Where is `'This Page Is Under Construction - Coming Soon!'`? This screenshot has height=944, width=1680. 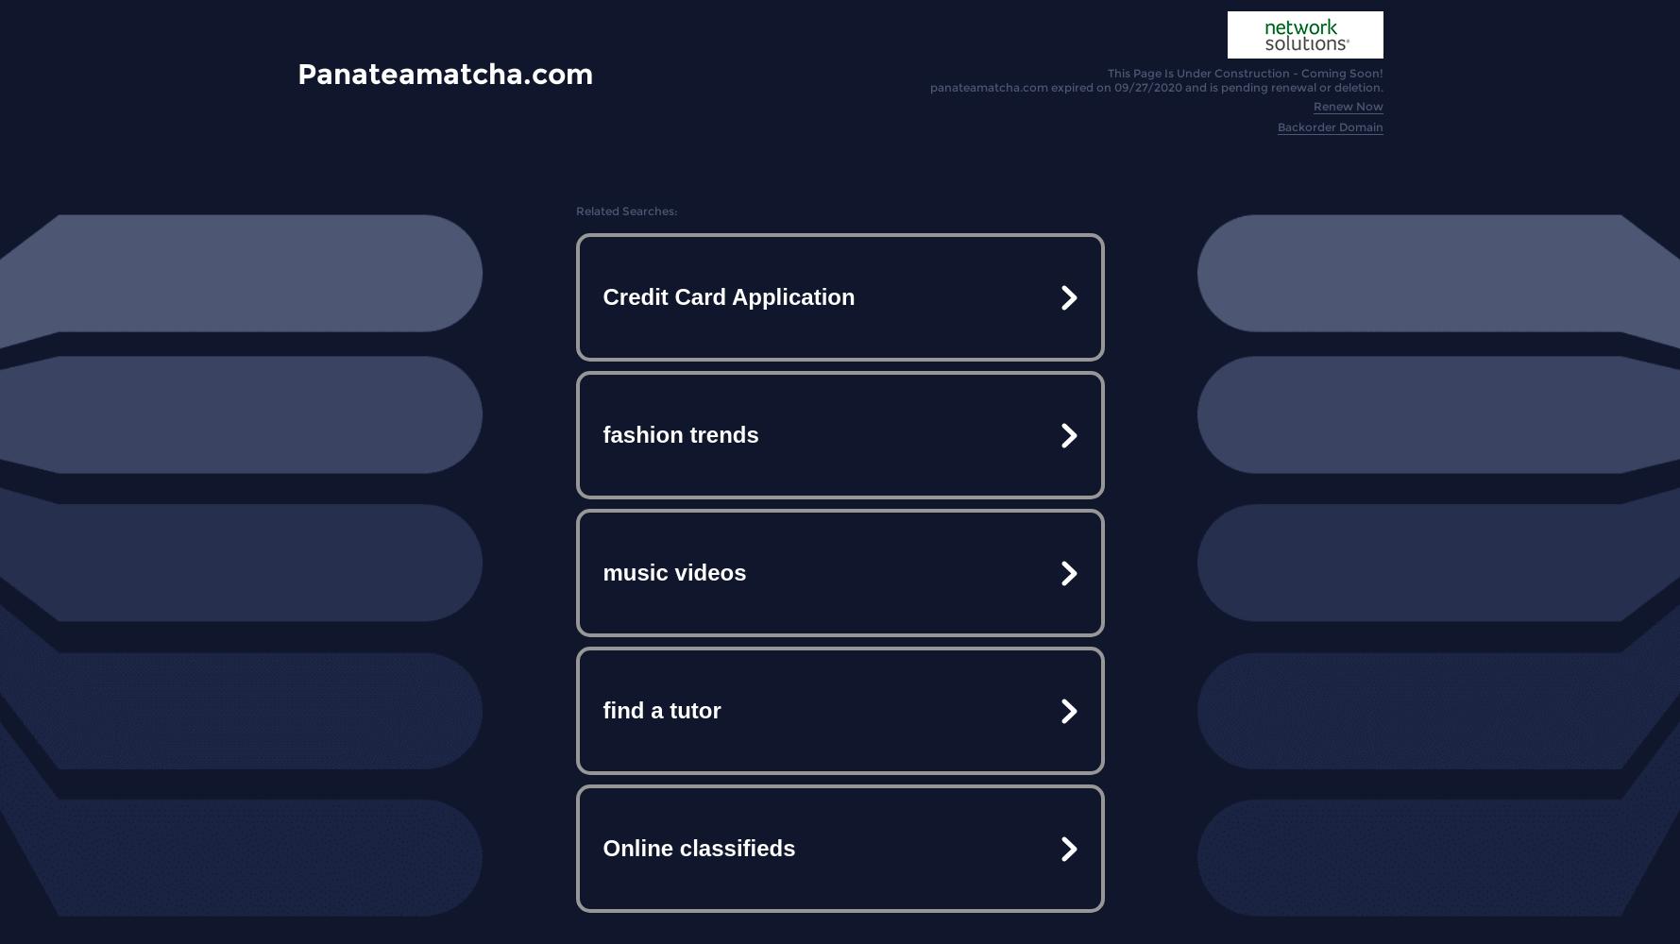 'This Page Is Under Construction - Coming Soon!' is located at coordinates (1244, 72).